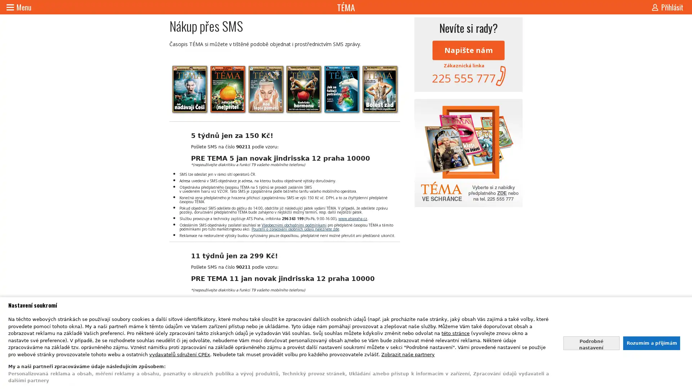 Image resolution: width=692 pixels, height=389 pixels. Describe the element at coordinates (408, 354) in the screenshot. I see `Zobrazit nase partnery` at that location.